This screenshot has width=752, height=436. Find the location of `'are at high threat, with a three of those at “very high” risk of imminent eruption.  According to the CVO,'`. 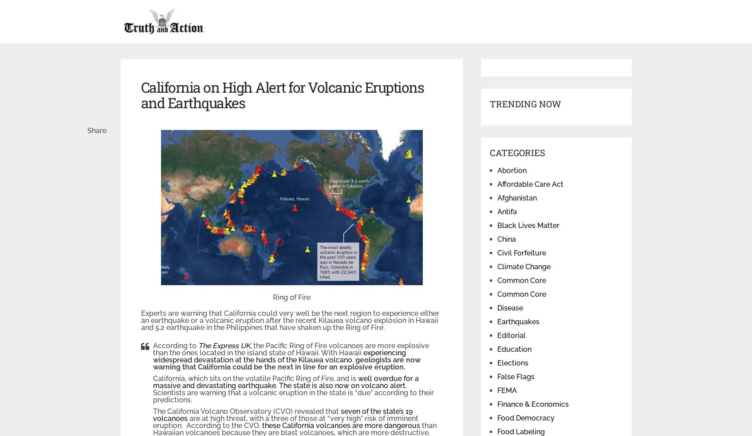

'are at high threat, with a three of those at “very high” risk of imminent eruption.  According to the CVO,' is located at coordinates (285, 422).